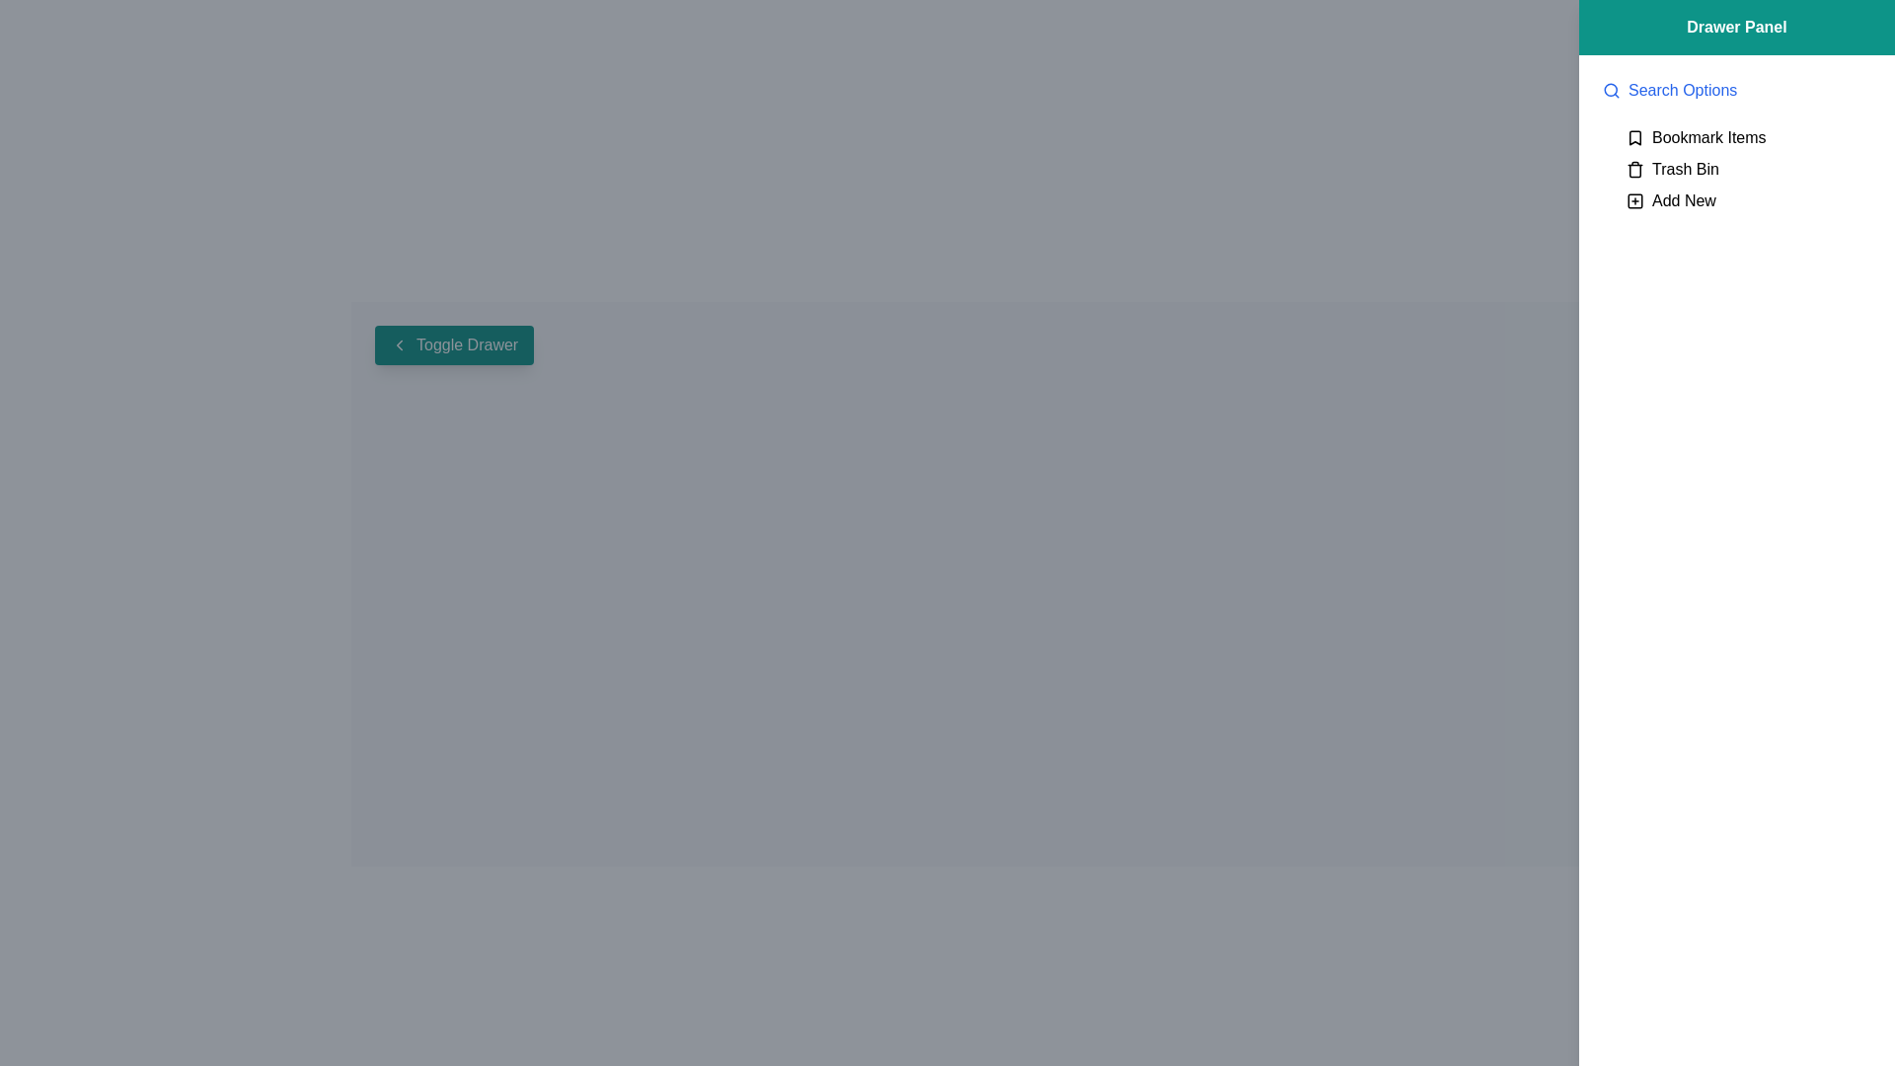 This screenshot has width=1895, height=1066. Describe the element at coordinates (453, 344) in the screenshot. I see `the 'Toggle Drawer' button with a teal background and white text` at that location.